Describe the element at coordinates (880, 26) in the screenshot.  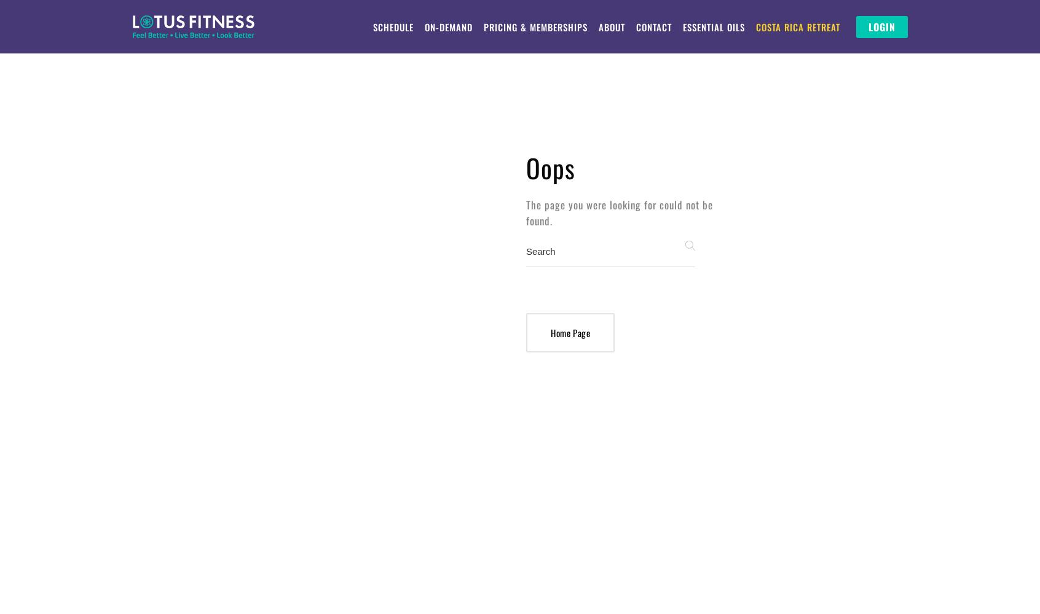
I see `'LOGIN'` at that location.